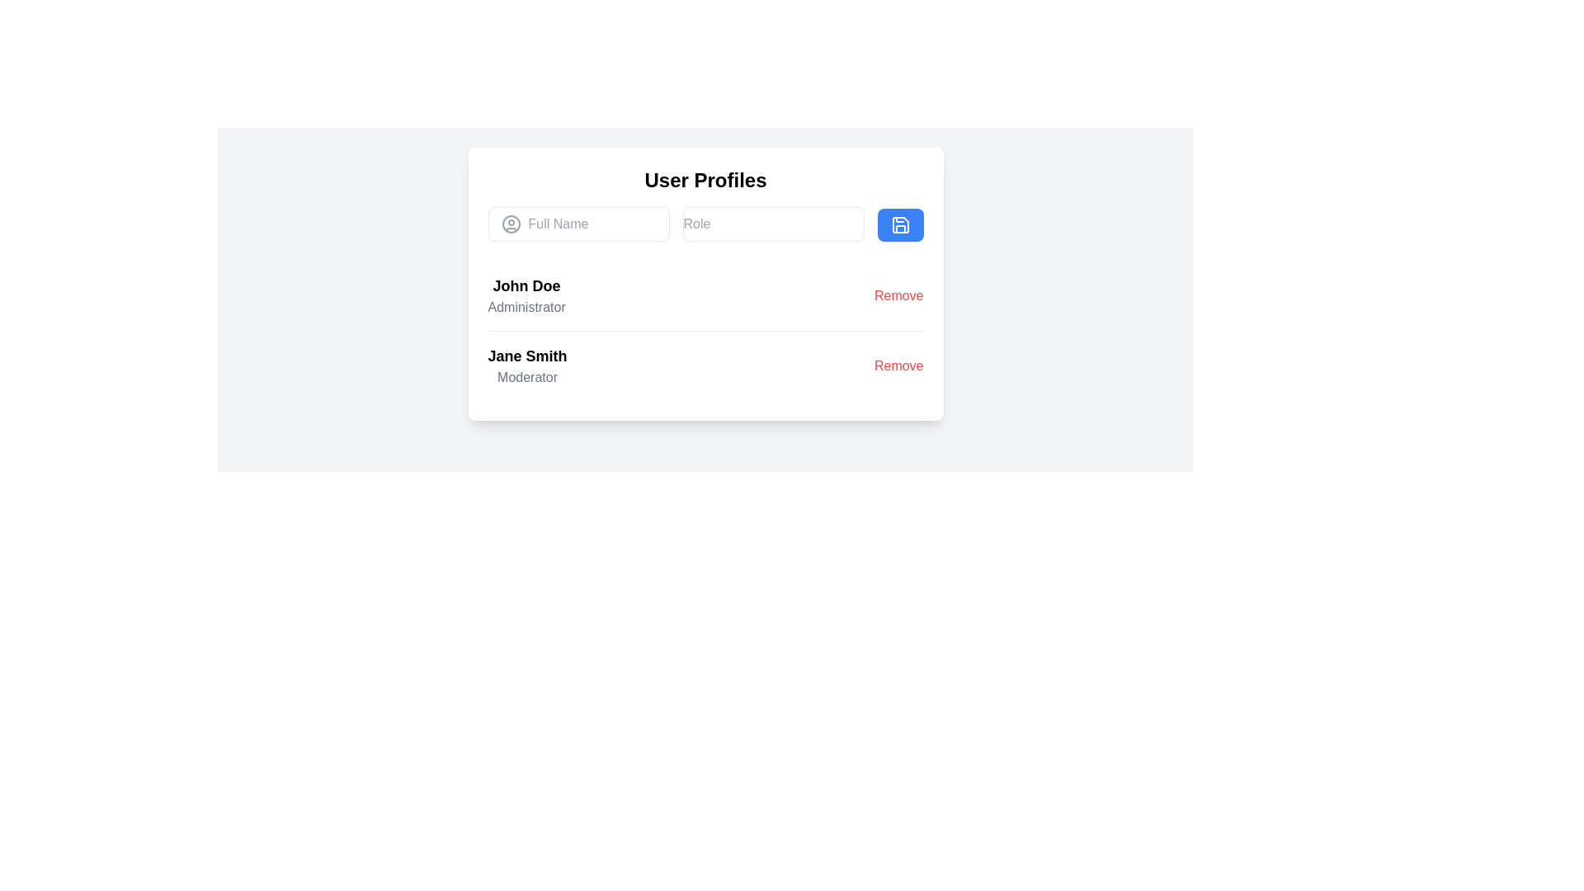 The image size is (1584, 891). Describe the element at coordinates (510, 224) in the screenshot. I see `the Decorative icon indicating the 'Full Name' input field, which is positioned at the left margin of the input area within the user profile section` at that location.